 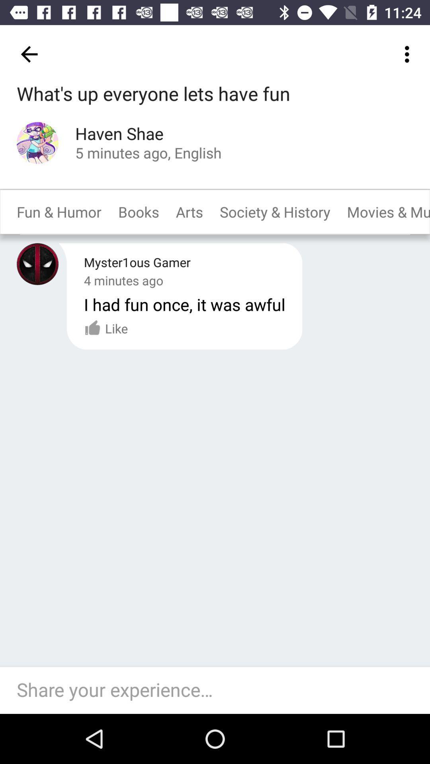 What do you see at coordinates (37, 143) in the screenshot?
I see `profile` at bounding box center [37, 143].